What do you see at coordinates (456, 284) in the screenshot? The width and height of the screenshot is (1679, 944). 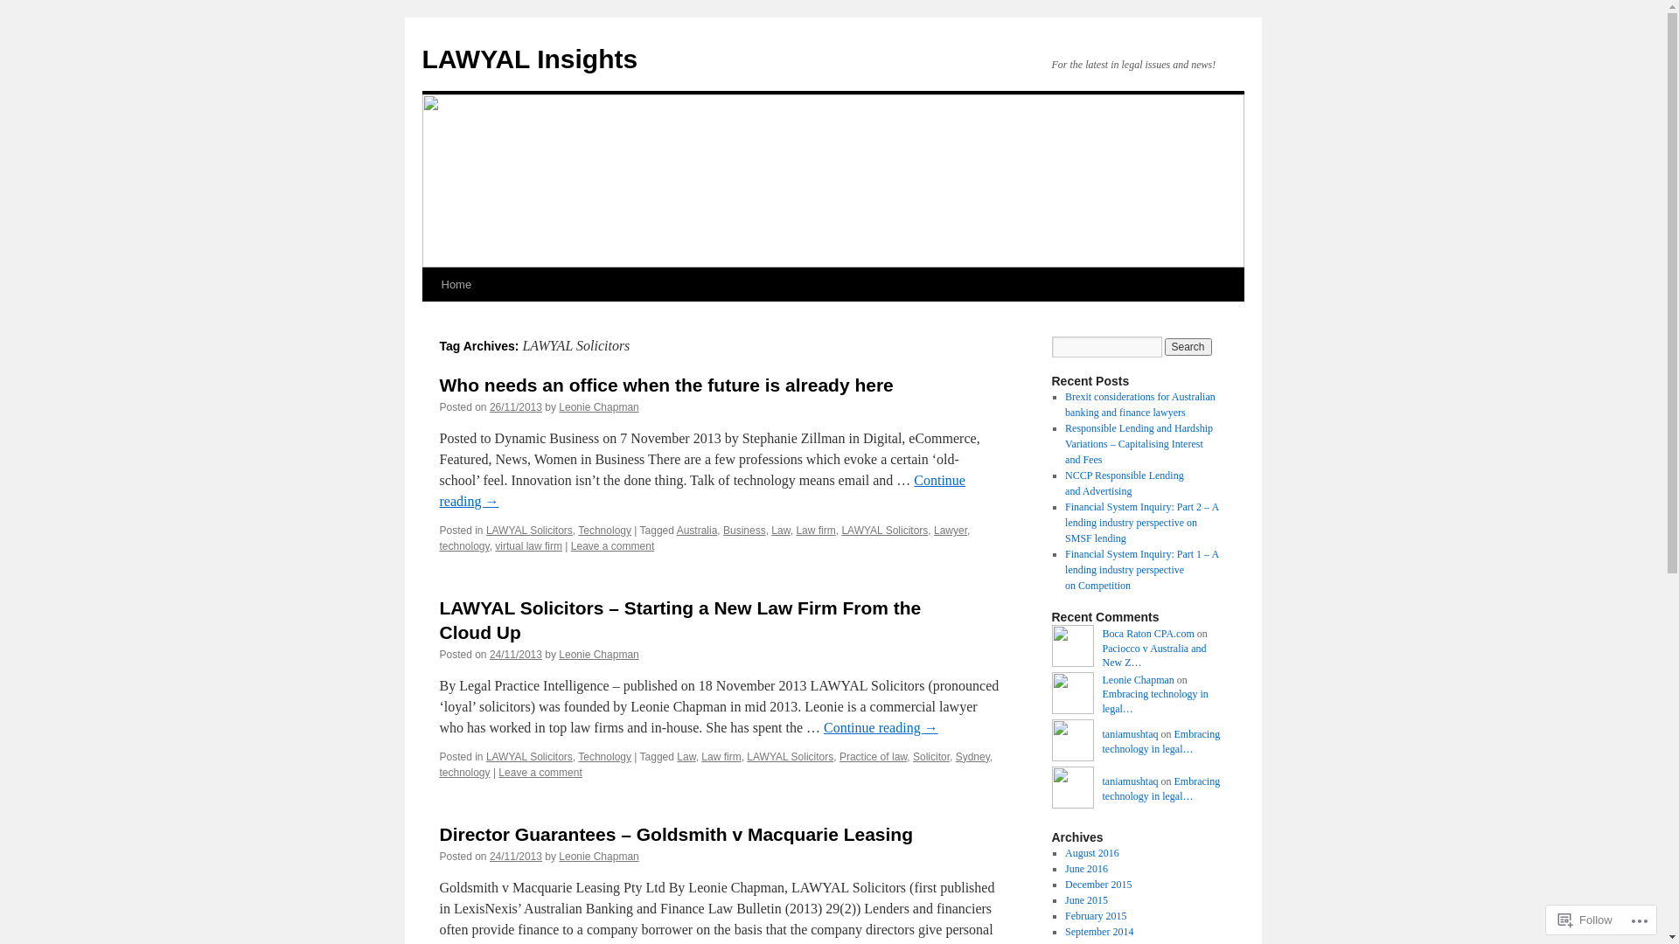 I see `'Home'` at bounding box center [456, 284].